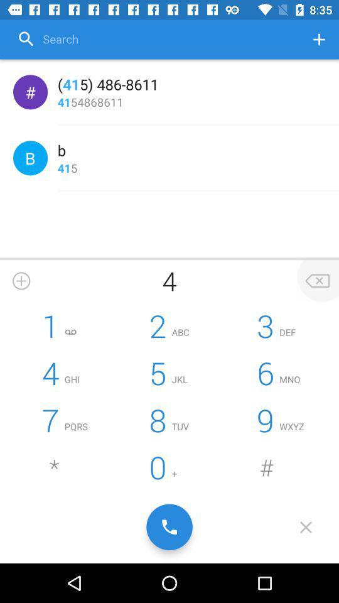  I want to click on a number, so click(21, 281).